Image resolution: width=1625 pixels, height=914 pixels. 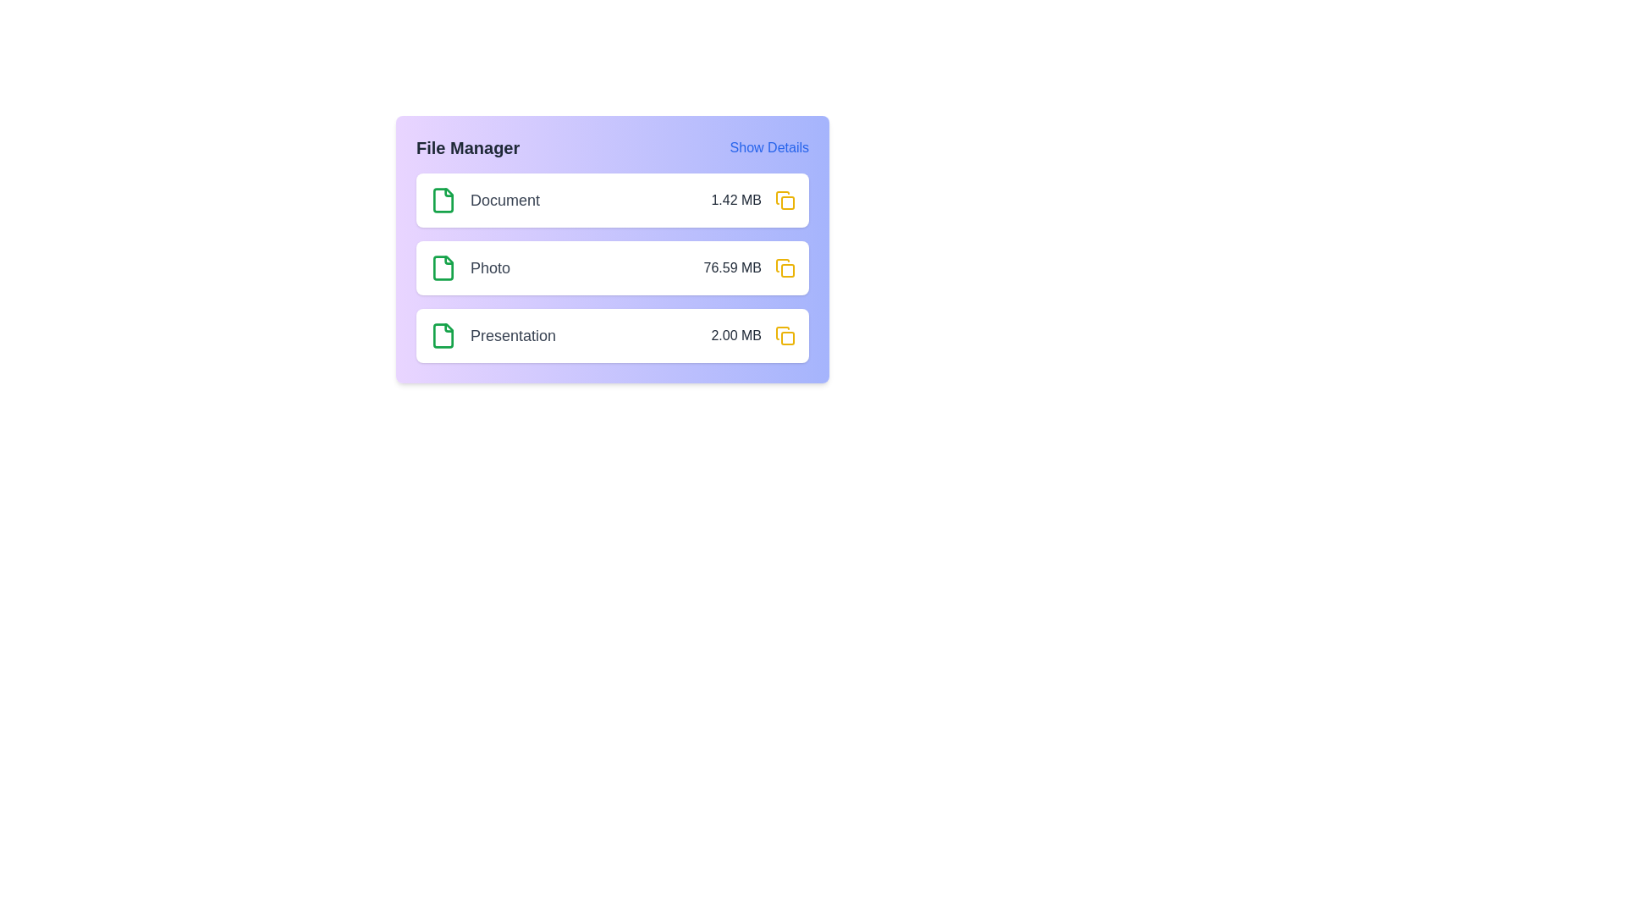 I want to click on the copy button located in the top right of the entry row labeled 'Document', next to the text description '1.42 MB', to copy associated data, so click(x=784, y=199).